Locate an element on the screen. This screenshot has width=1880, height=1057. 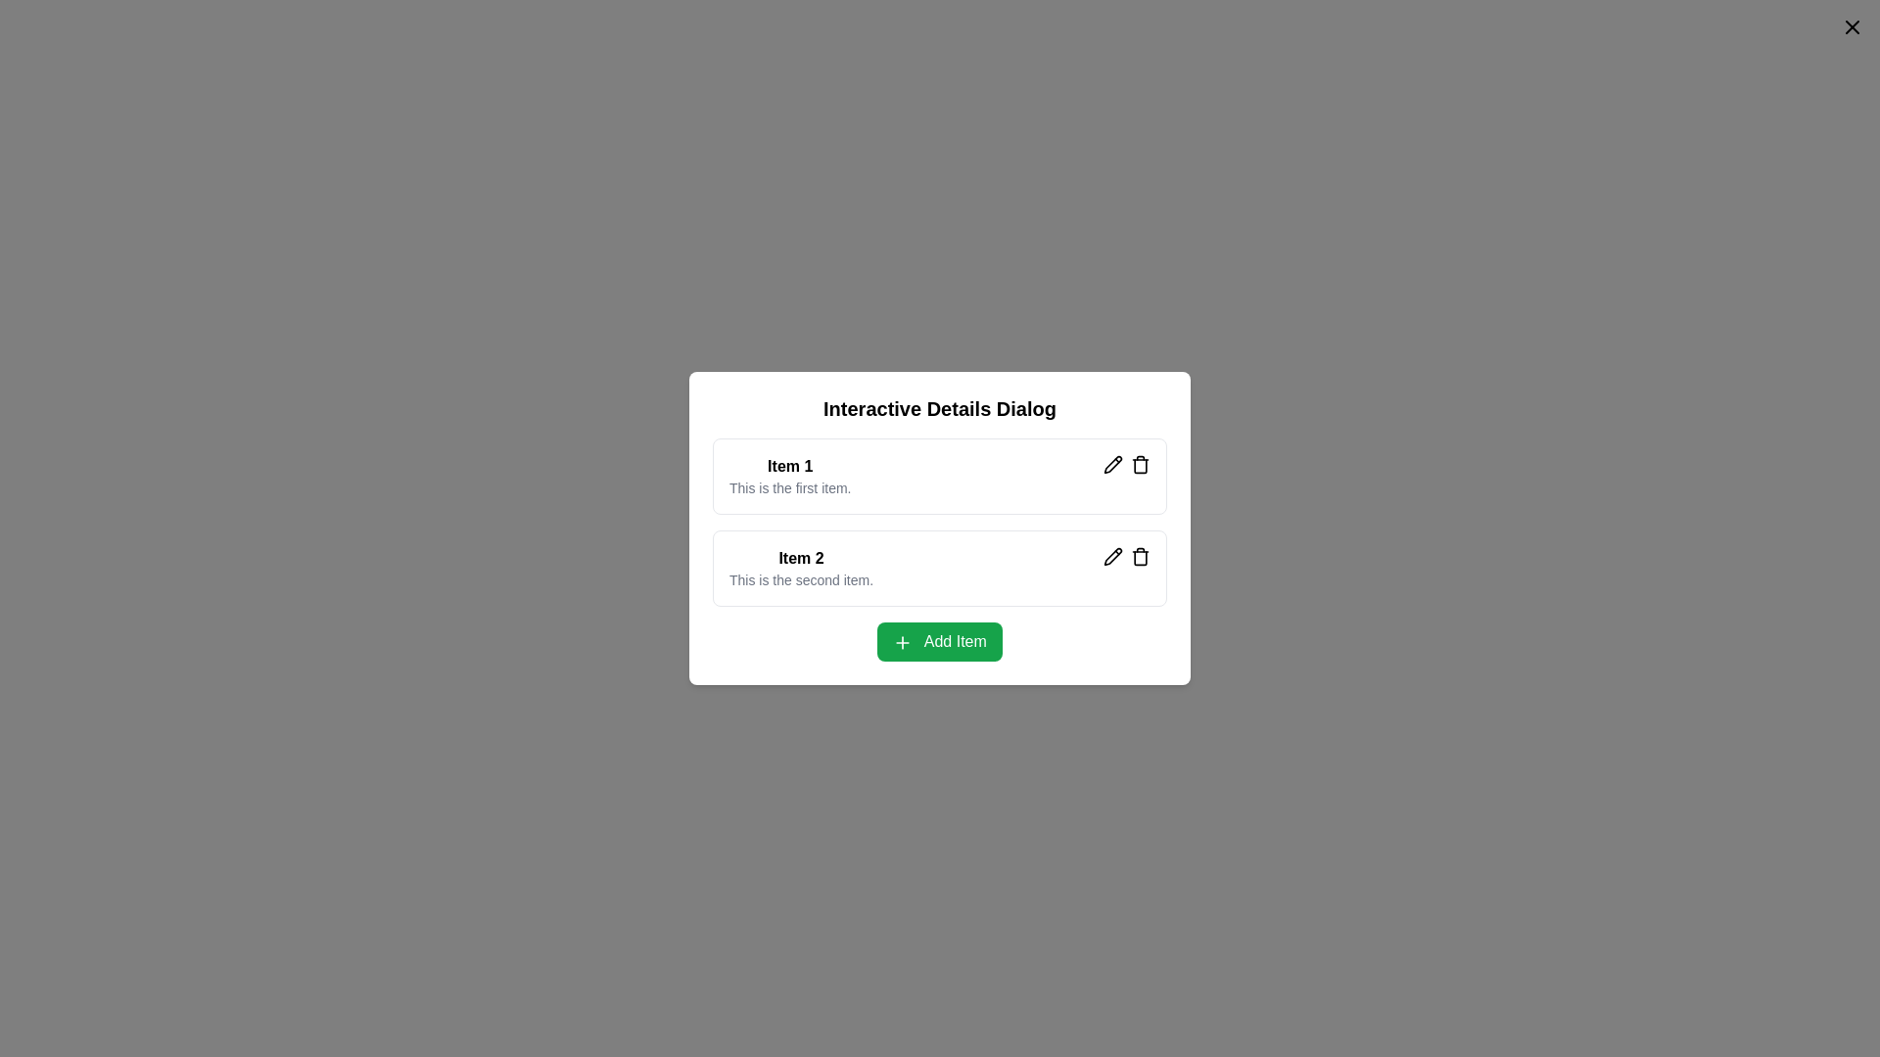
the Icon Button located within the second item of the list is located at coordinates (1113, 464).